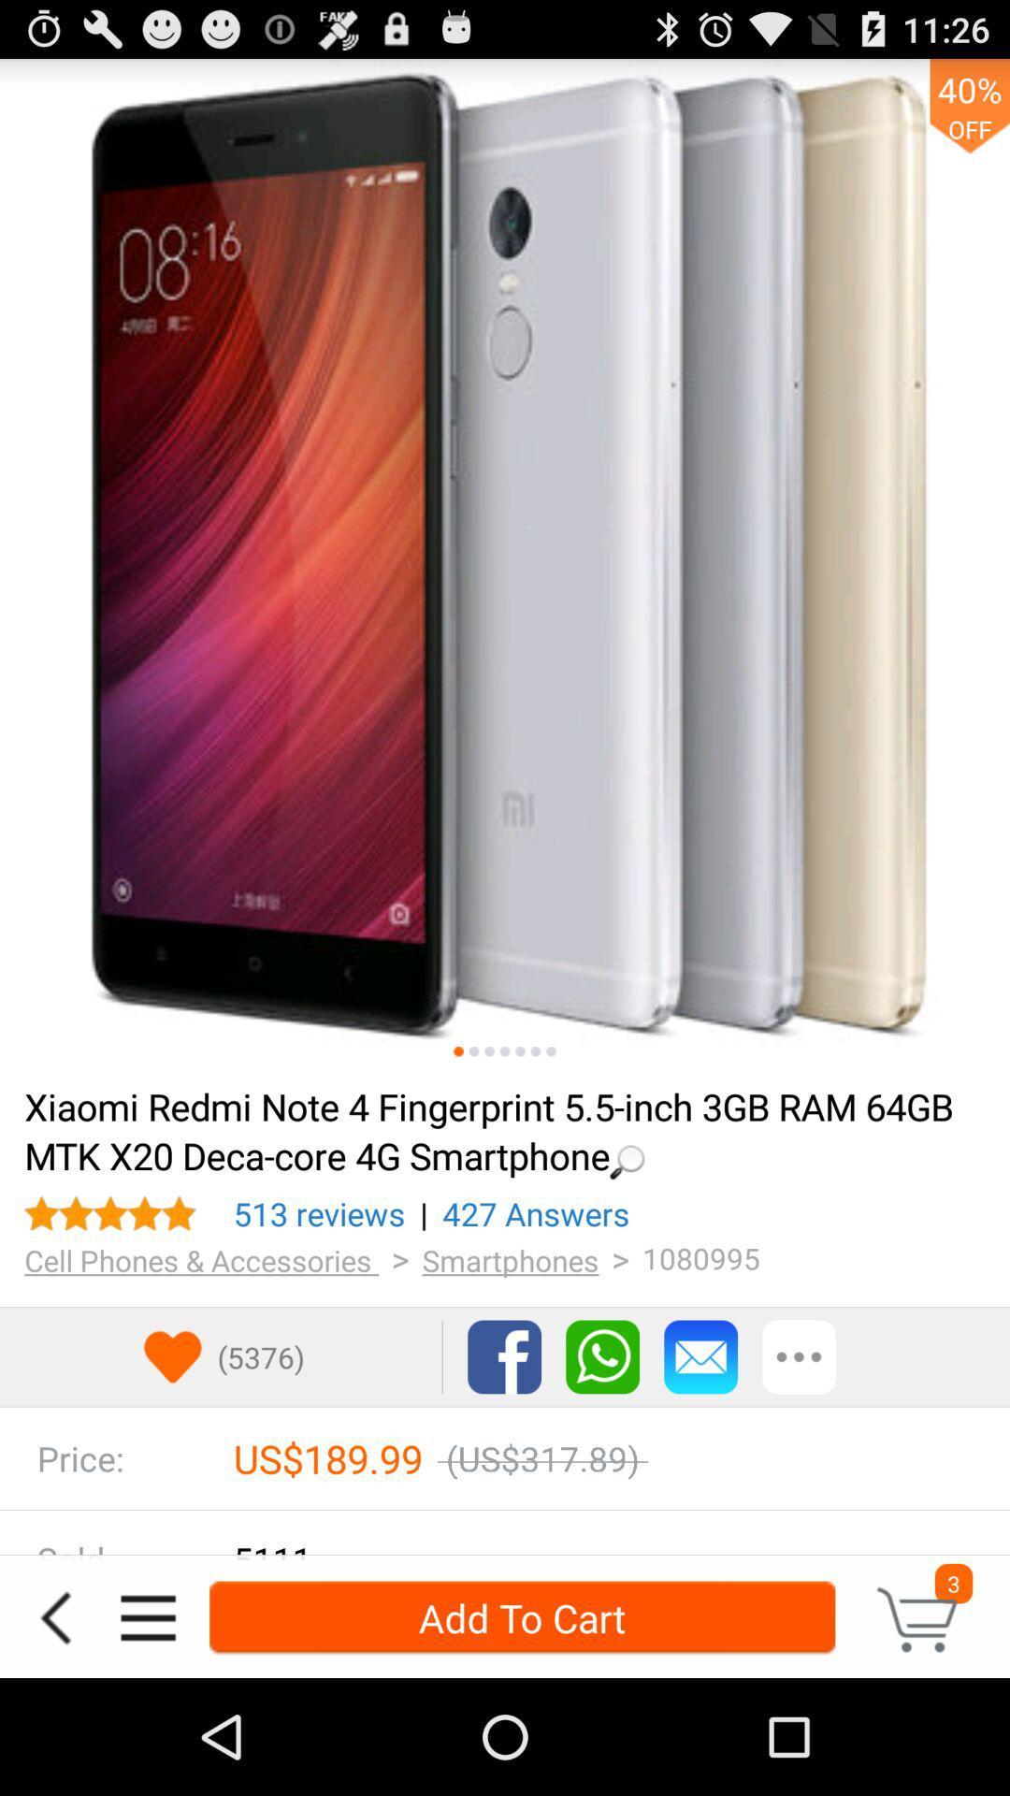 The width and height of the screenshot is (1010, 1796). I want to click on app below 513 reviews app, so click(201, 1260).